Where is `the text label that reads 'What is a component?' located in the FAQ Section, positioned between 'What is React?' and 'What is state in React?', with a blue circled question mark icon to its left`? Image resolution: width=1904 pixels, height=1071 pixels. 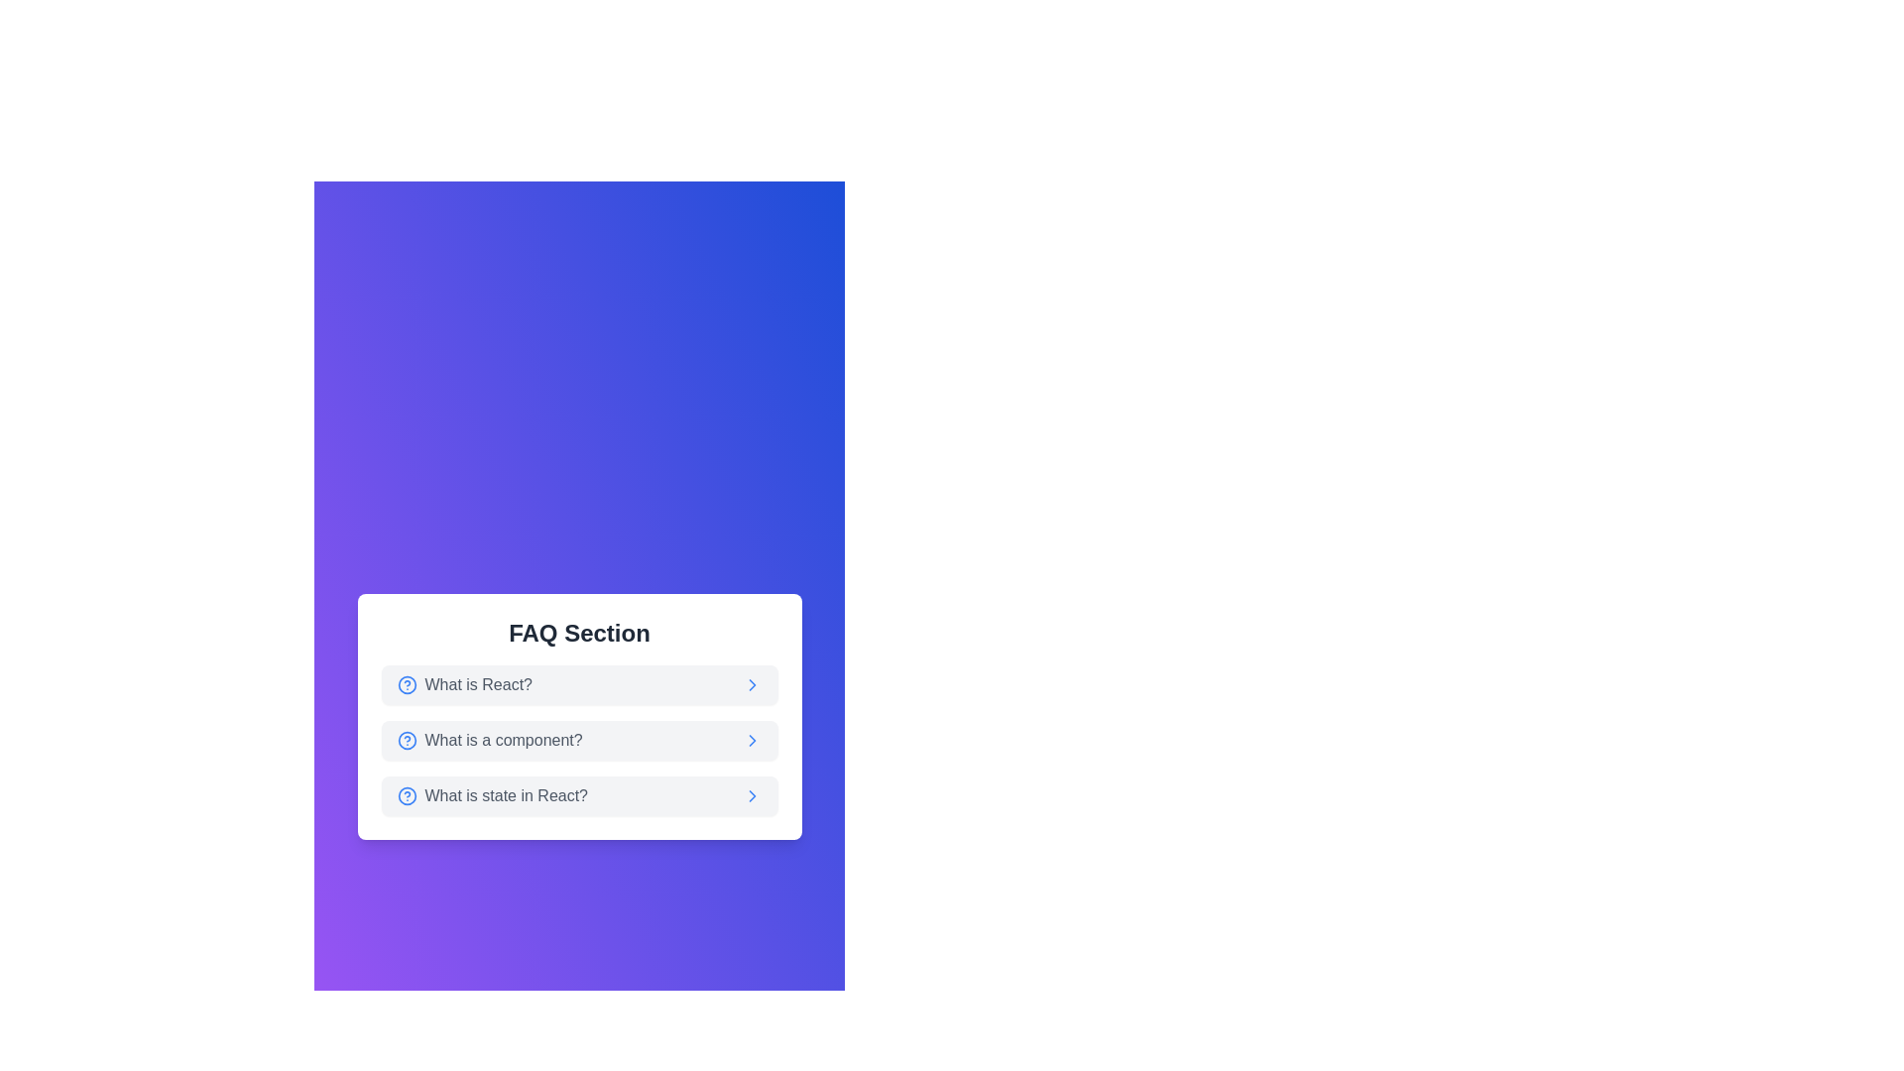 the text label that reads 'What is a component?' located in the FAQ Section, positioned between 'What is React?' and 'What is state in React?', with a blue circled question mark icon to its left is located at coordinates (490, 741).